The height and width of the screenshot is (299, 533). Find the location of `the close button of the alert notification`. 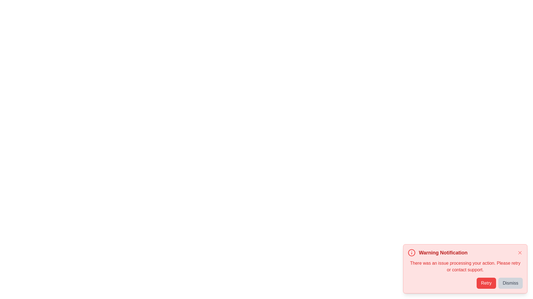

the close button of the alert notification is located at coordinates (519, 253).